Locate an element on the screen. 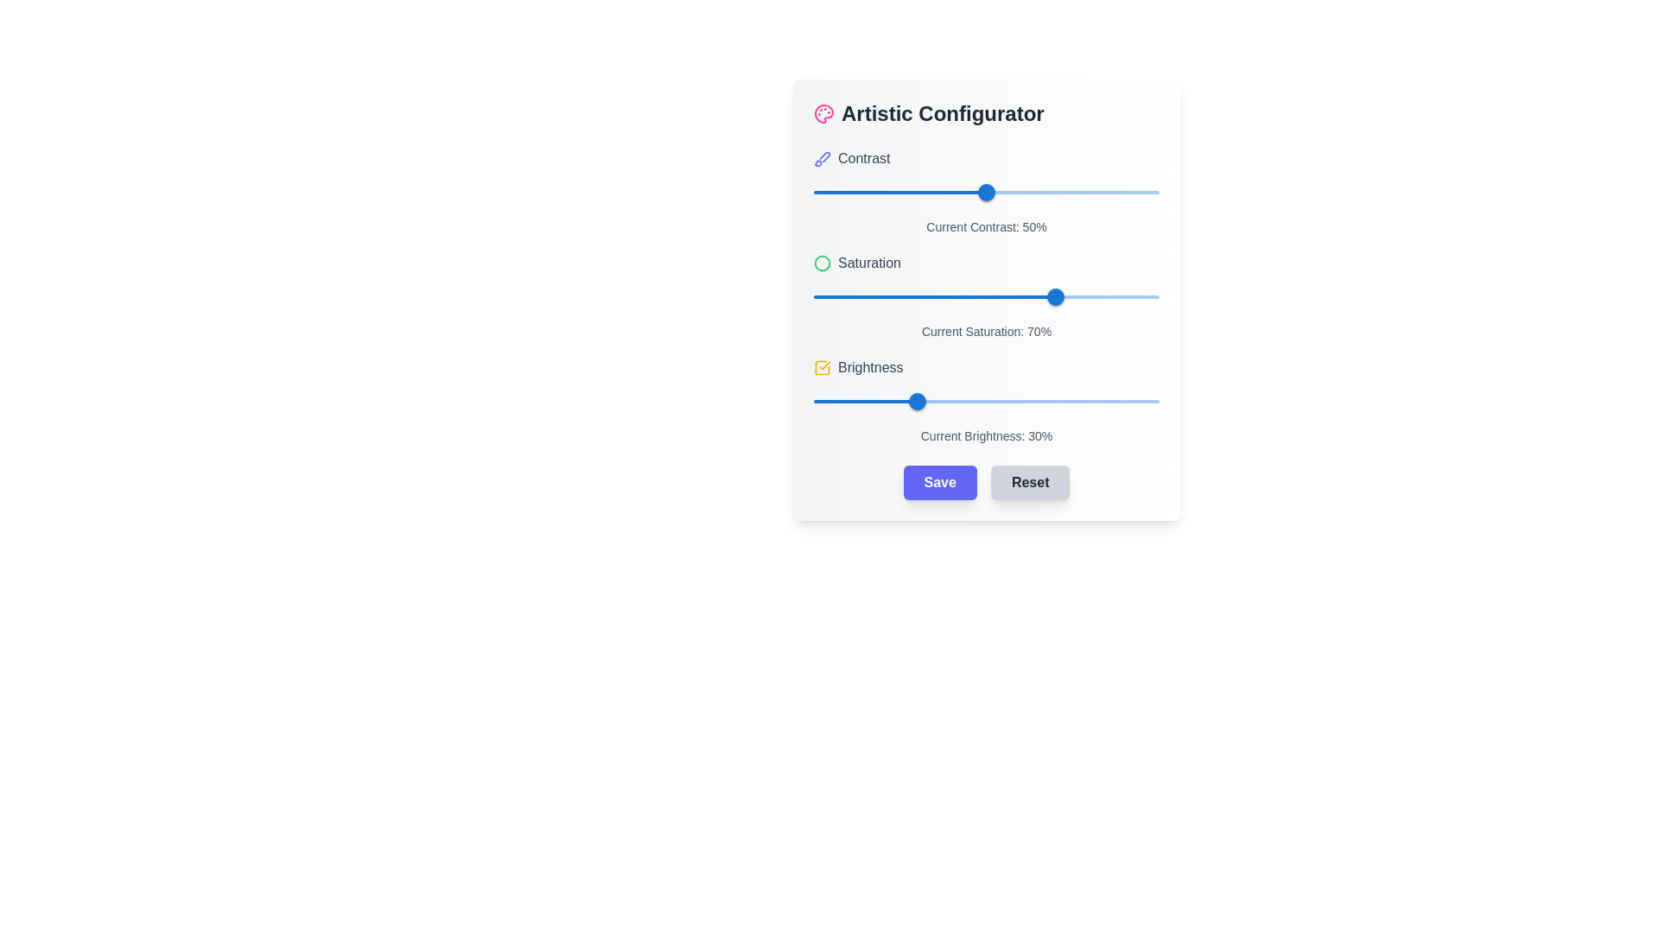 This screenshot has width=1659, height=933. the brightness level is located at coordinates (982, 402).